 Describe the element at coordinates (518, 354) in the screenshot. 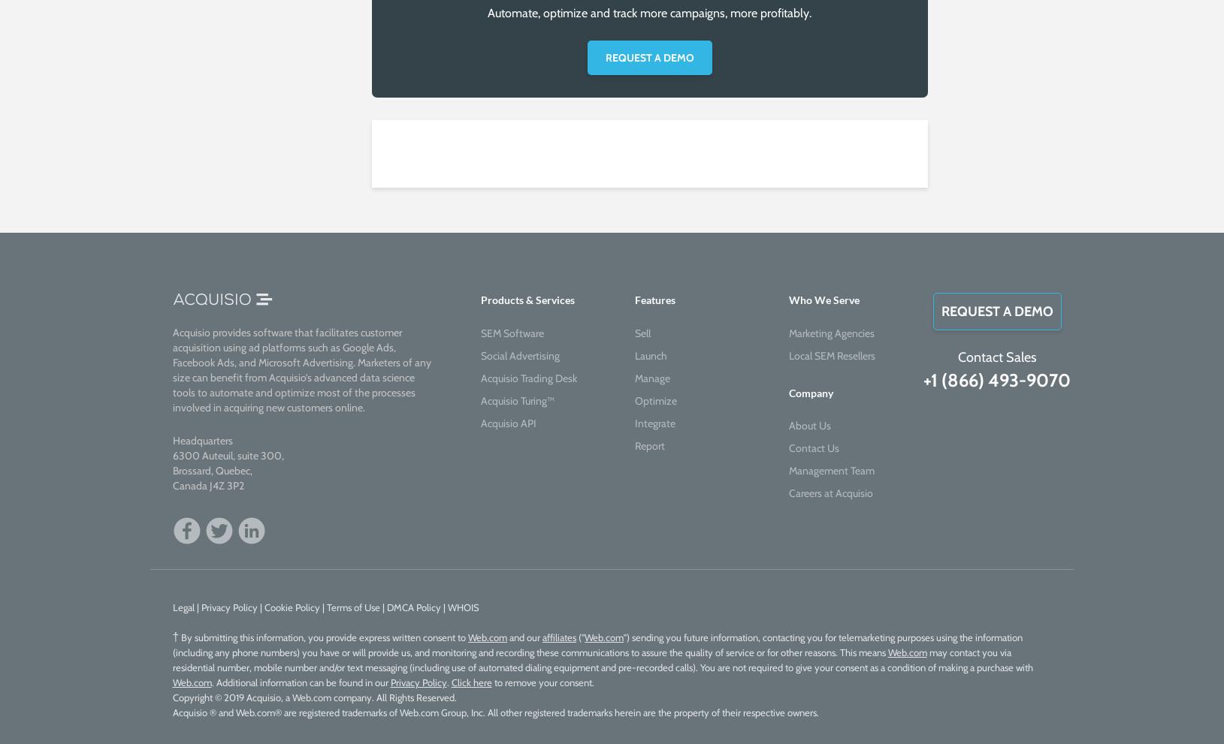

I see `'Social Advertising'` at that location.